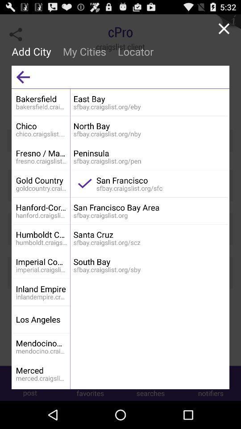 The width and height of the screenshot is (241, 429). I want to click on the imperial county app, so click(41, 261).